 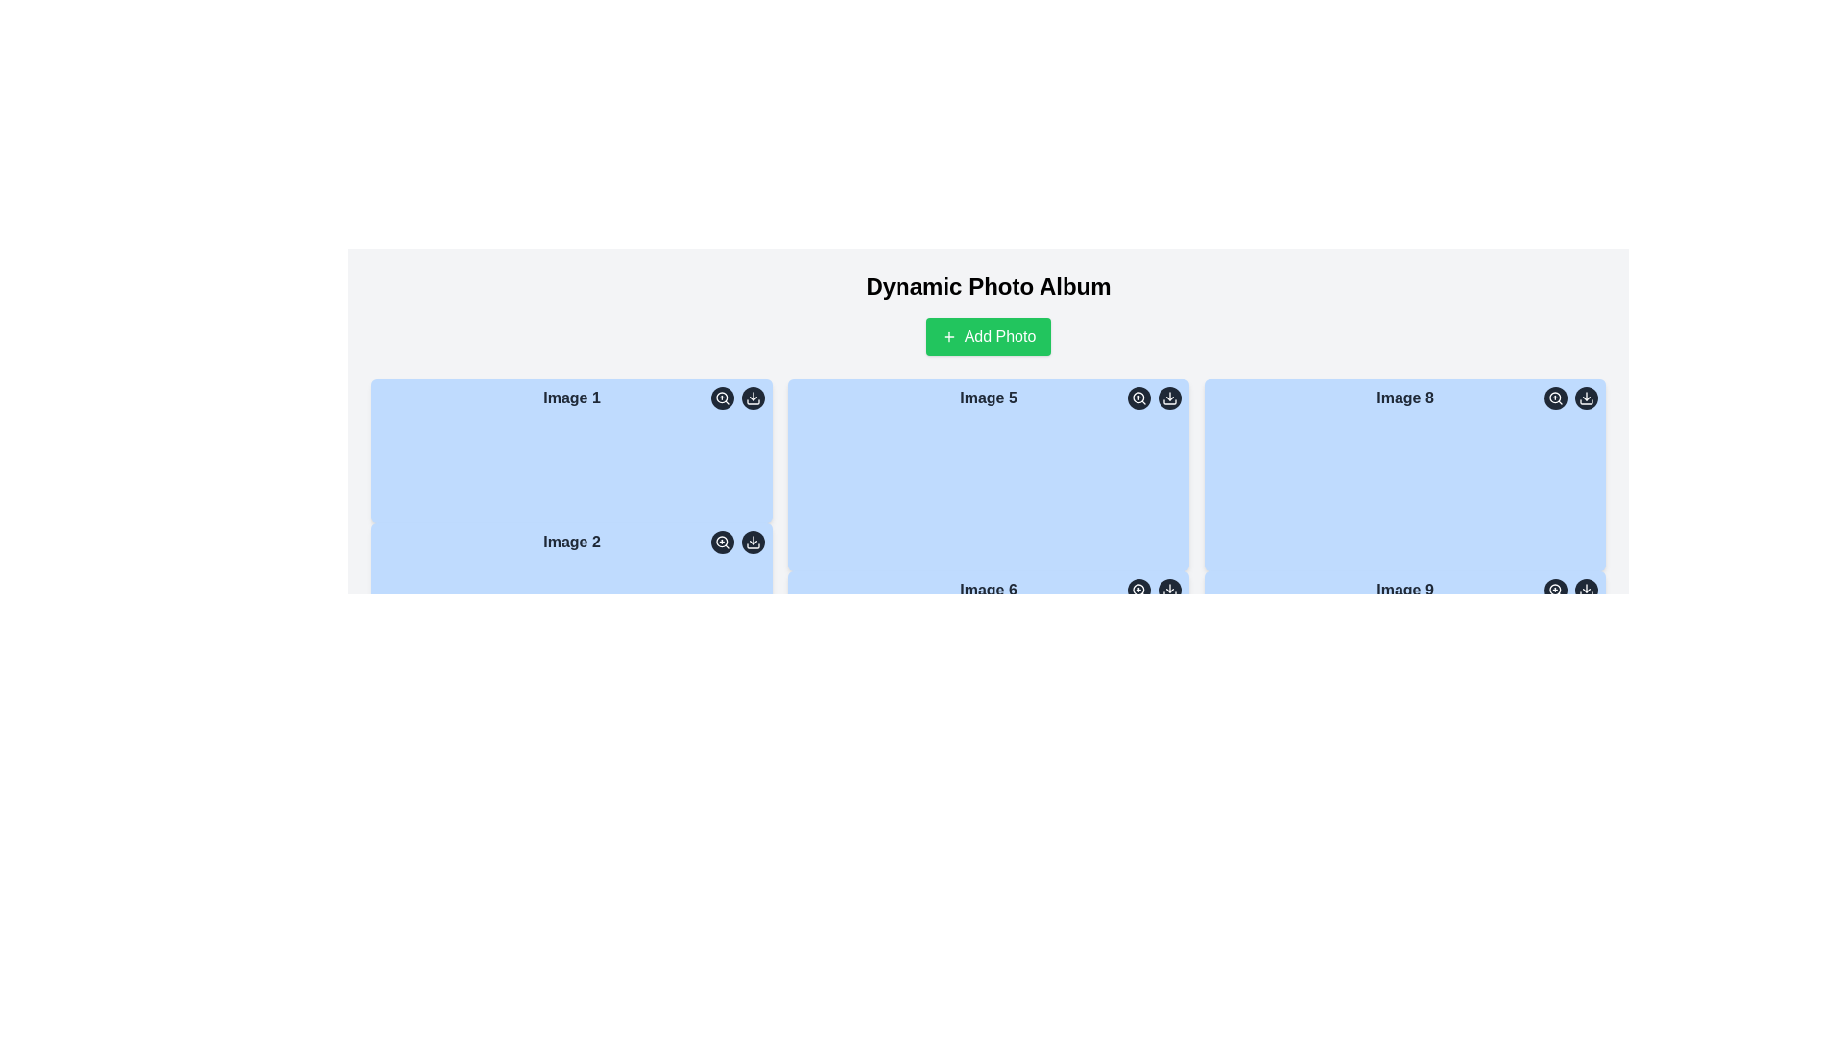 What do you see at coordinates (1586, 398) in the screenshot?
I see `the circular button with a dark gray background and a white download icon` at bounding box center [1586, 398].